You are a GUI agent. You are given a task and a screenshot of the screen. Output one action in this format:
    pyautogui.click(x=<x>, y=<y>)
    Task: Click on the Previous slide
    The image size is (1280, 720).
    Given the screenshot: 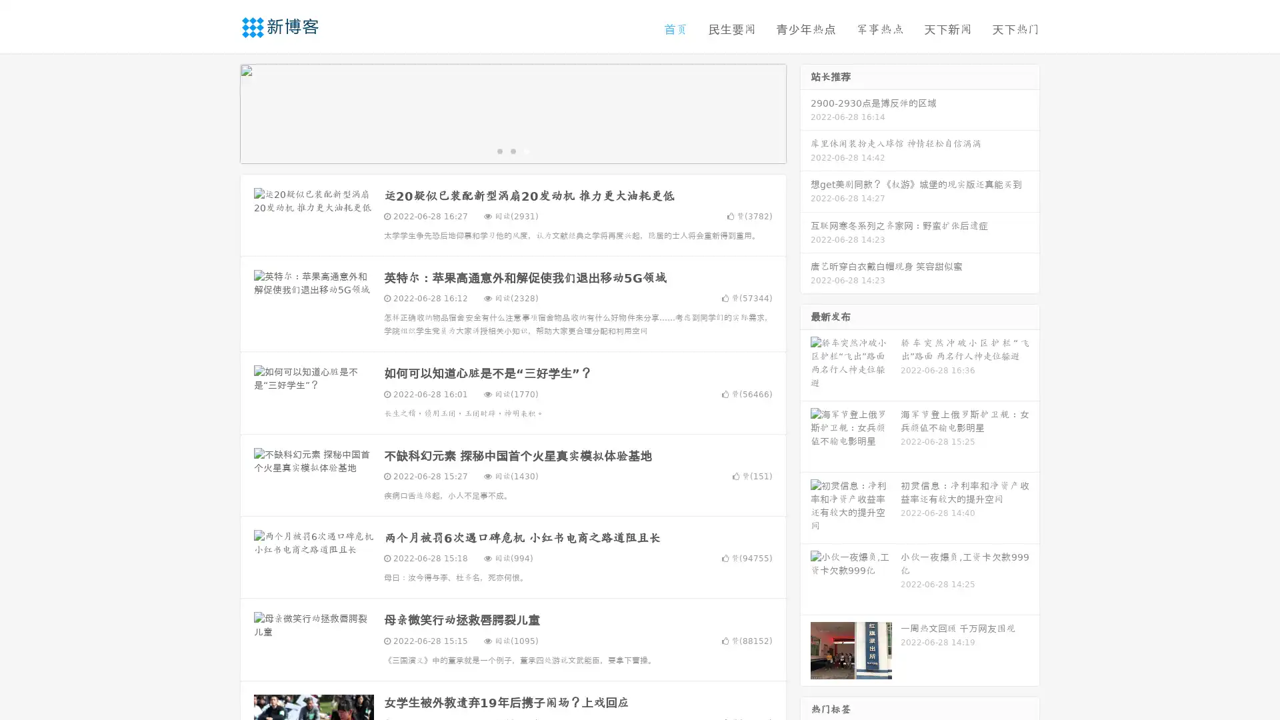 What is the action you would take?
    pyautogui.click(x=220, y=112)
    